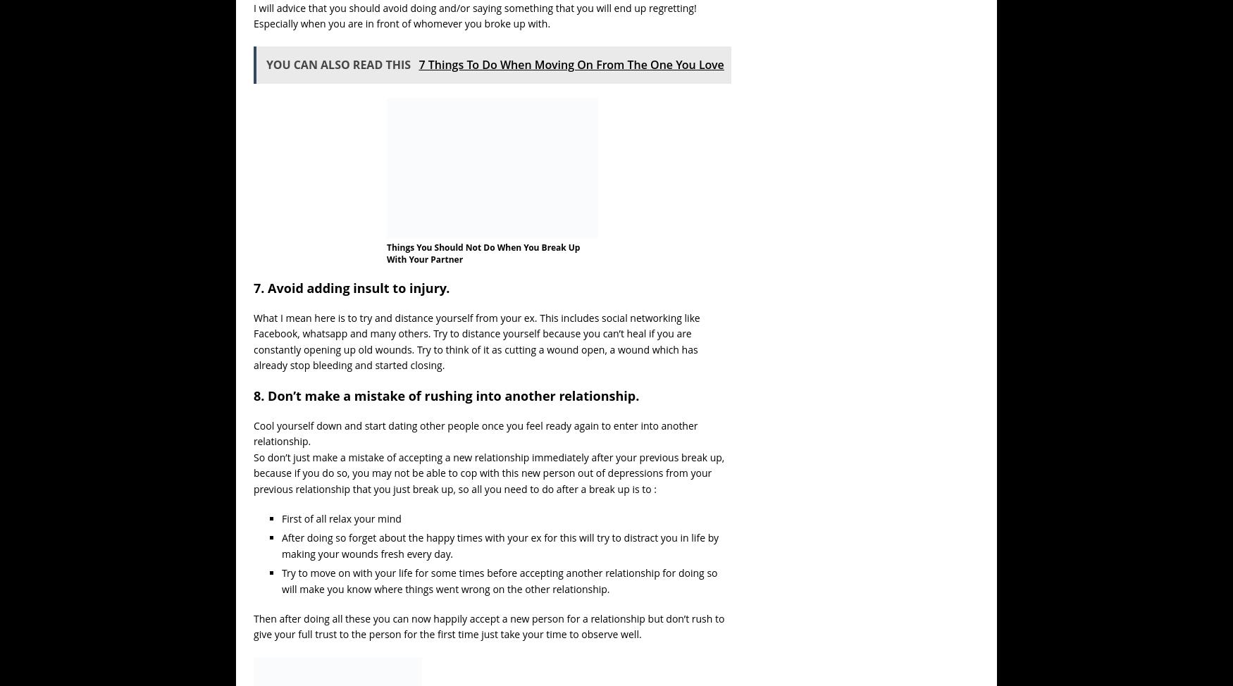 The width and height of the screenshot is (1233, 686). What do you see at coordinates (445, 395) in the screenshot?
I see `'8. Don’t make a mistake of rushing into another relationship.'` at bounding box center [445, 395].